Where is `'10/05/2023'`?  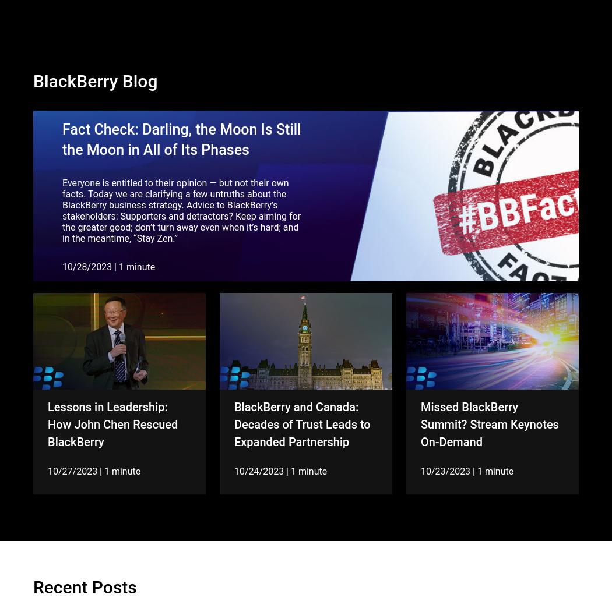
'10/05/2023' is located at coordinates (239, 510).